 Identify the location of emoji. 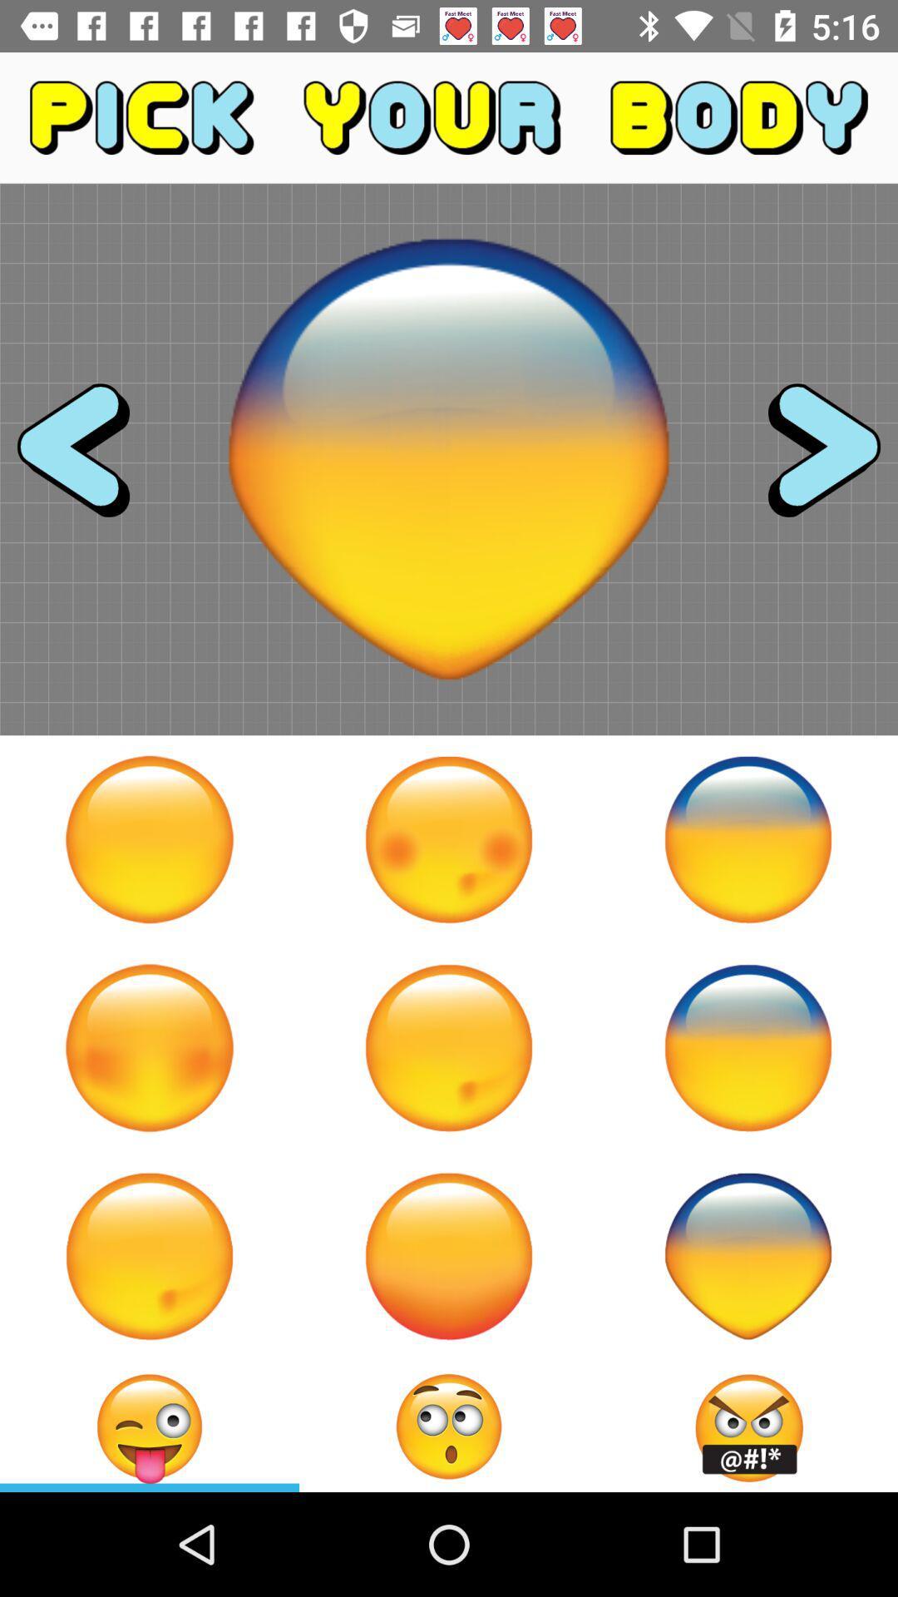
(150, 839).